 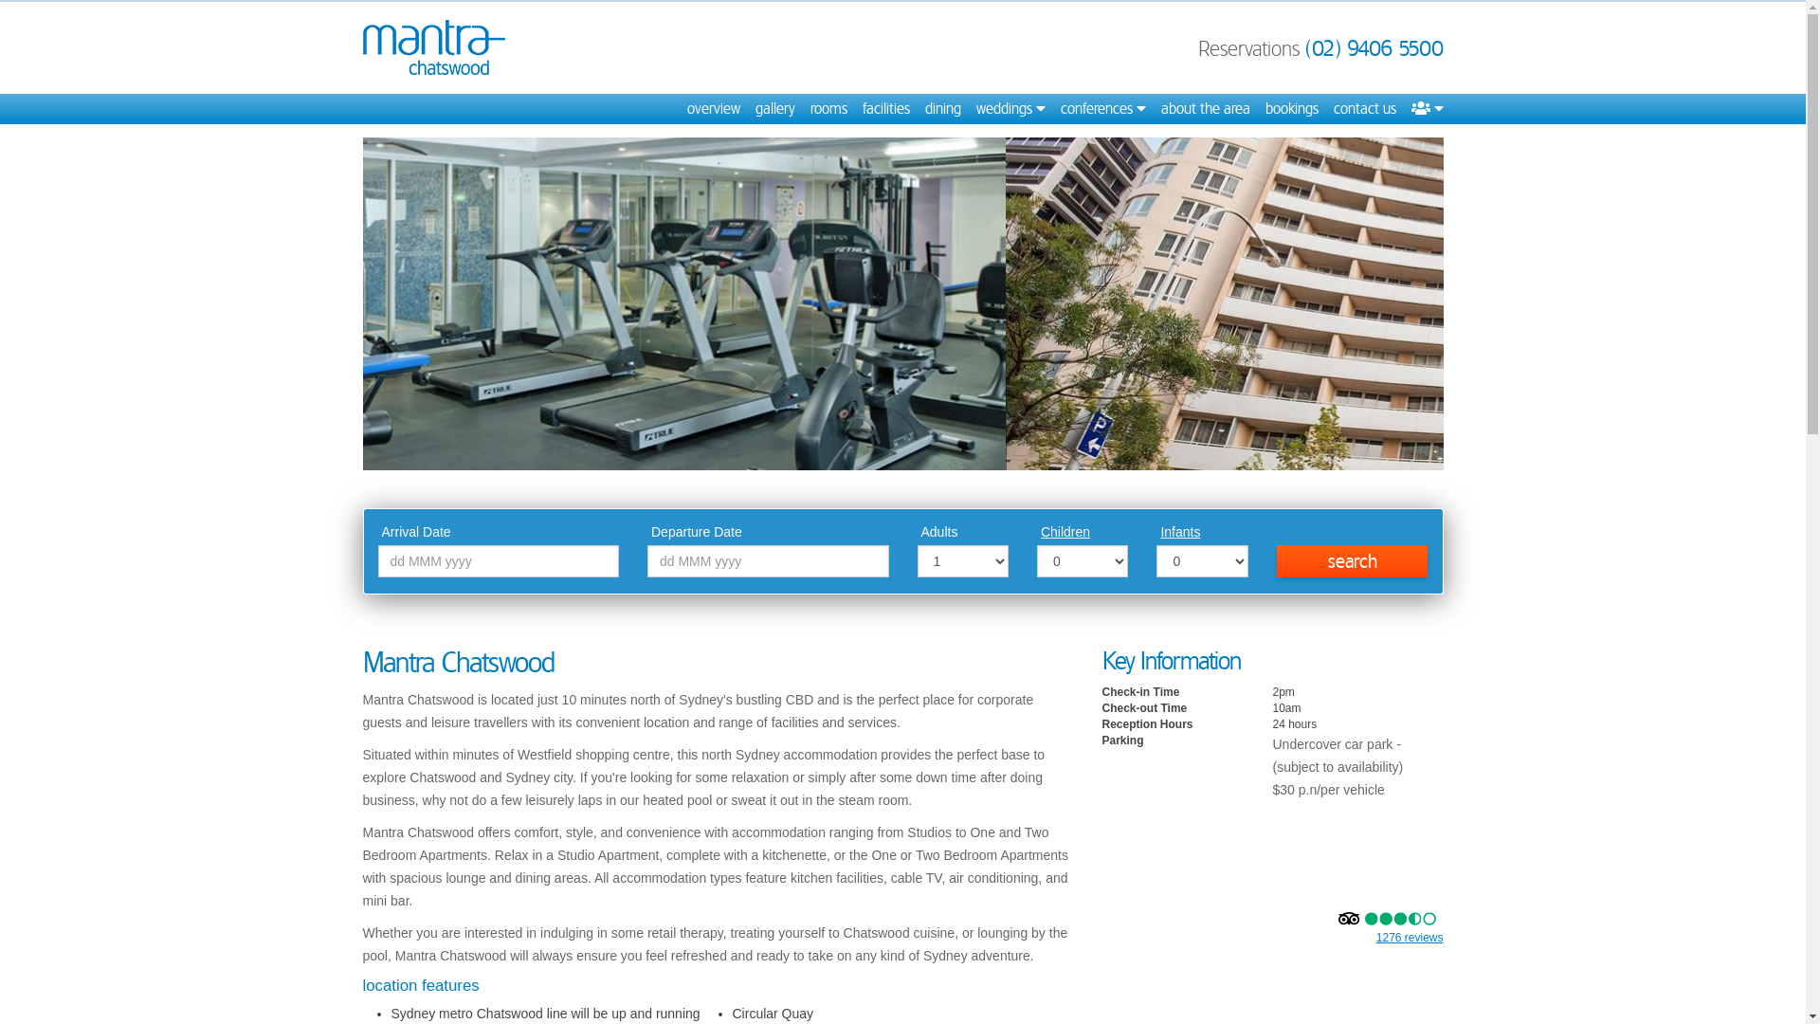 I want to click on 'weddings', so click(x=1010, y=109).